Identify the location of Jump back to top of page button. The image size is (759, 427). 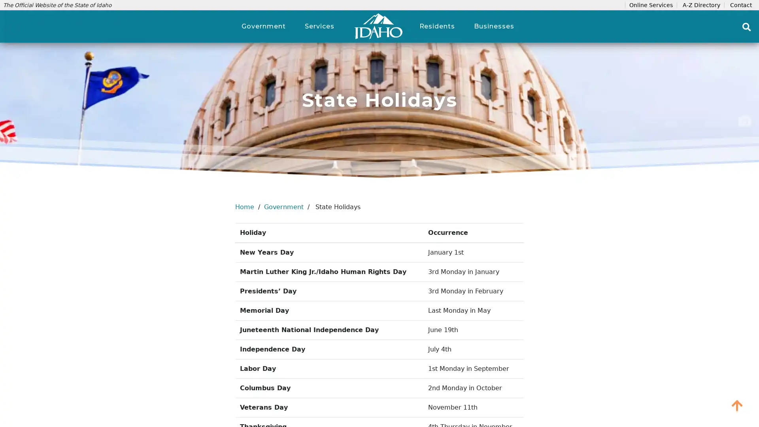
(737, 405).